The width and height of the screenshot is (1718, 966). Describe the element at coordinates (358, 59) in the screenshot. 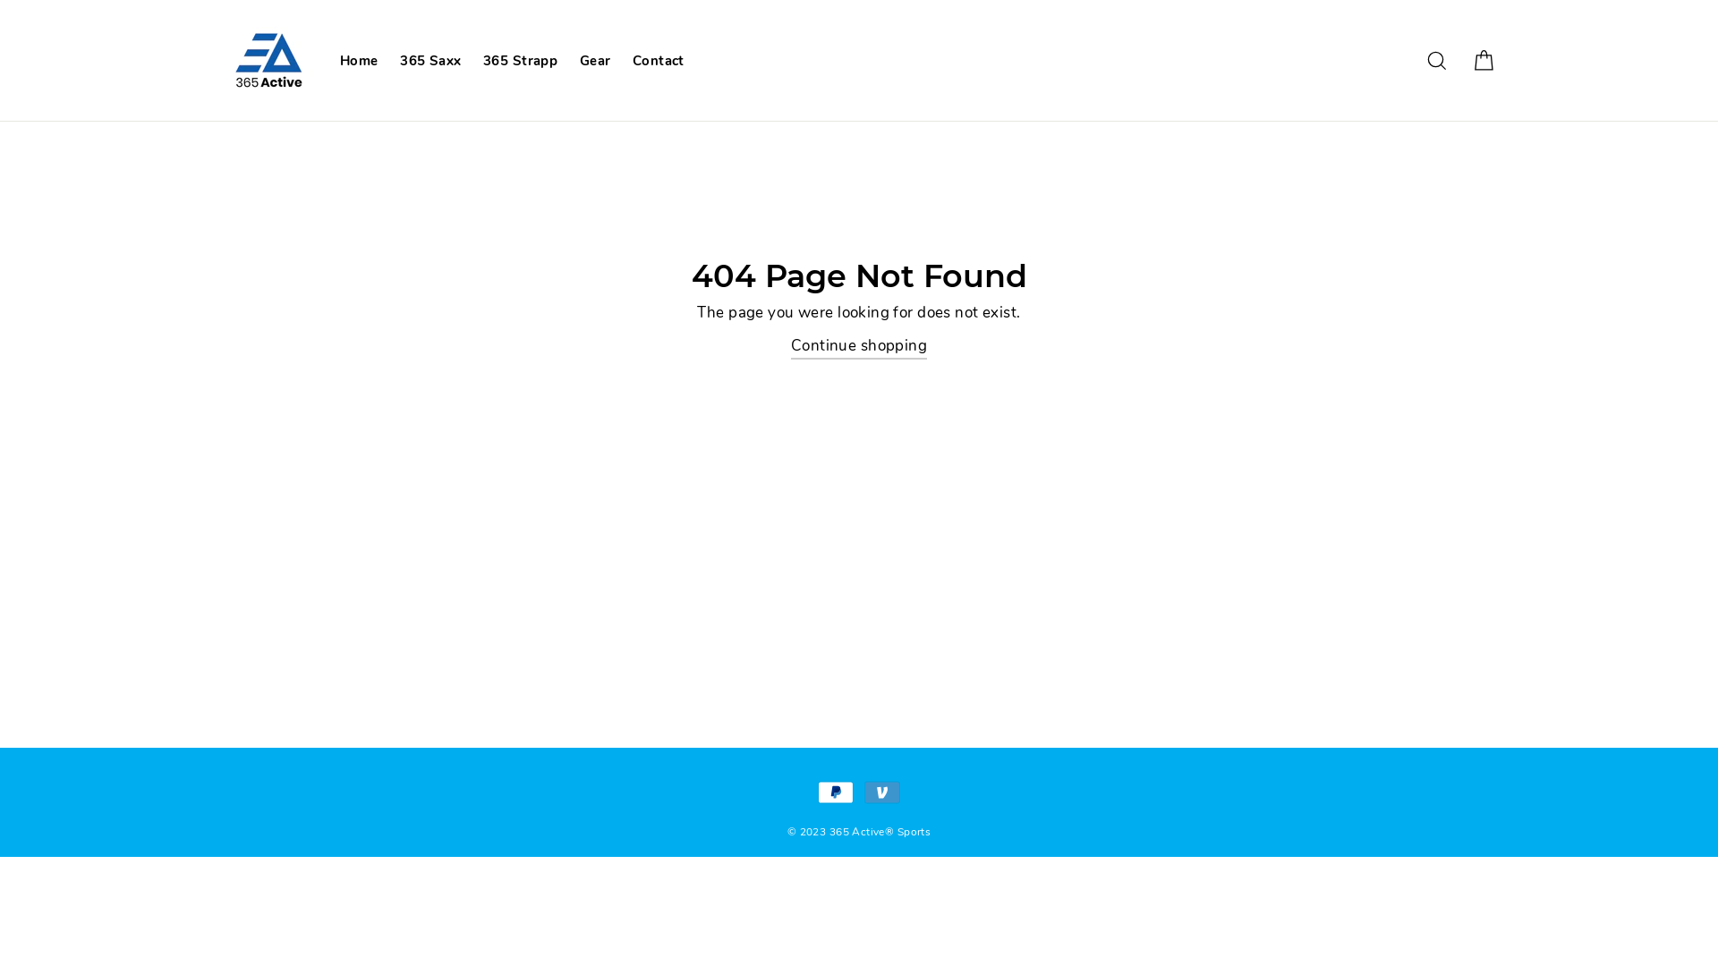

I see `'Home'` at that location.